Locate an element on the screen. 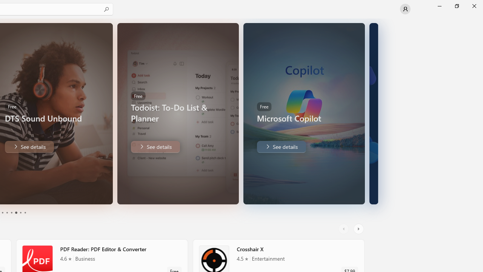  'AutomationID: LeftScrollButton' is located at coordinates (344, 229).